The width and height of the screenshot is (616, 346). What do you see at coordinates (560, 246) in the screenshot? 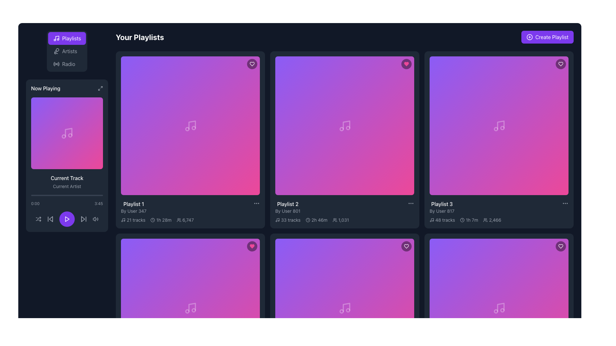
I see `the icon button in the top-right corner of the card titled 'Playlist 3'` at bounding box center [560, 246].